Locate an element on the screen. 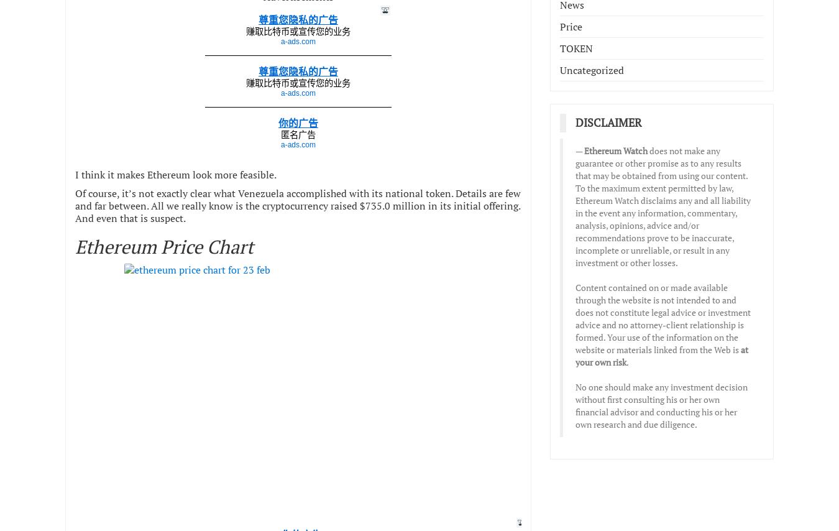 The image size is (839, 531). 'does not make any guarantee or other promise as to any results that may be obtained from using our content. To the maximum extent permitted by law, Ethereum Watch disclaims any and all liability in the event any information, commentary, analysis, opinions, advice and/or recommendations prove to be inaccurate, incomplete or unreliable, or result in any investment or other losses.' is located at coordinates (663, 205).